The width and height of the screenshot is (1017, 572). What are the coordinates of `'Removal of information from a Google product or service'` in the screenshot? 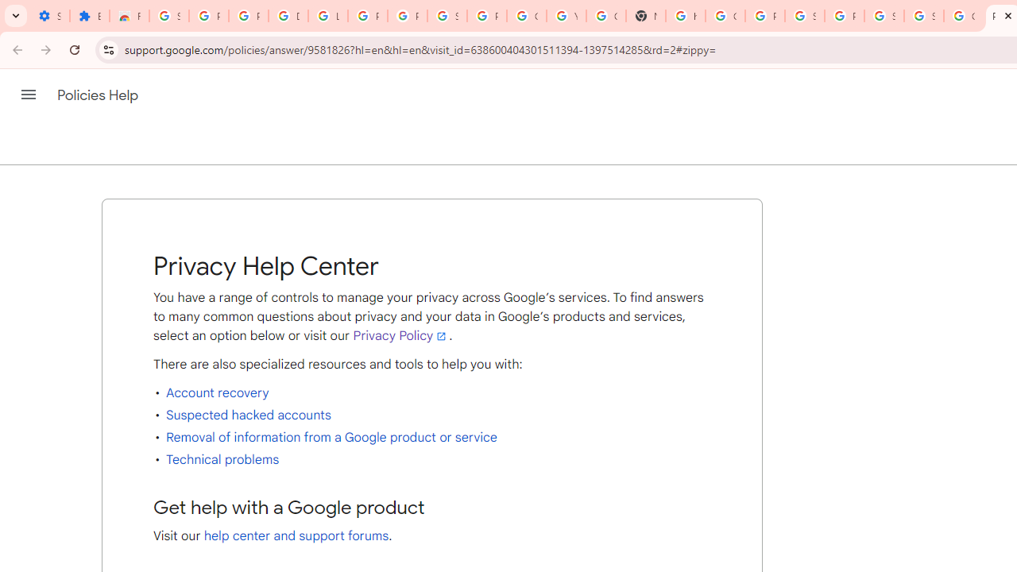 It's located at (331, 437).